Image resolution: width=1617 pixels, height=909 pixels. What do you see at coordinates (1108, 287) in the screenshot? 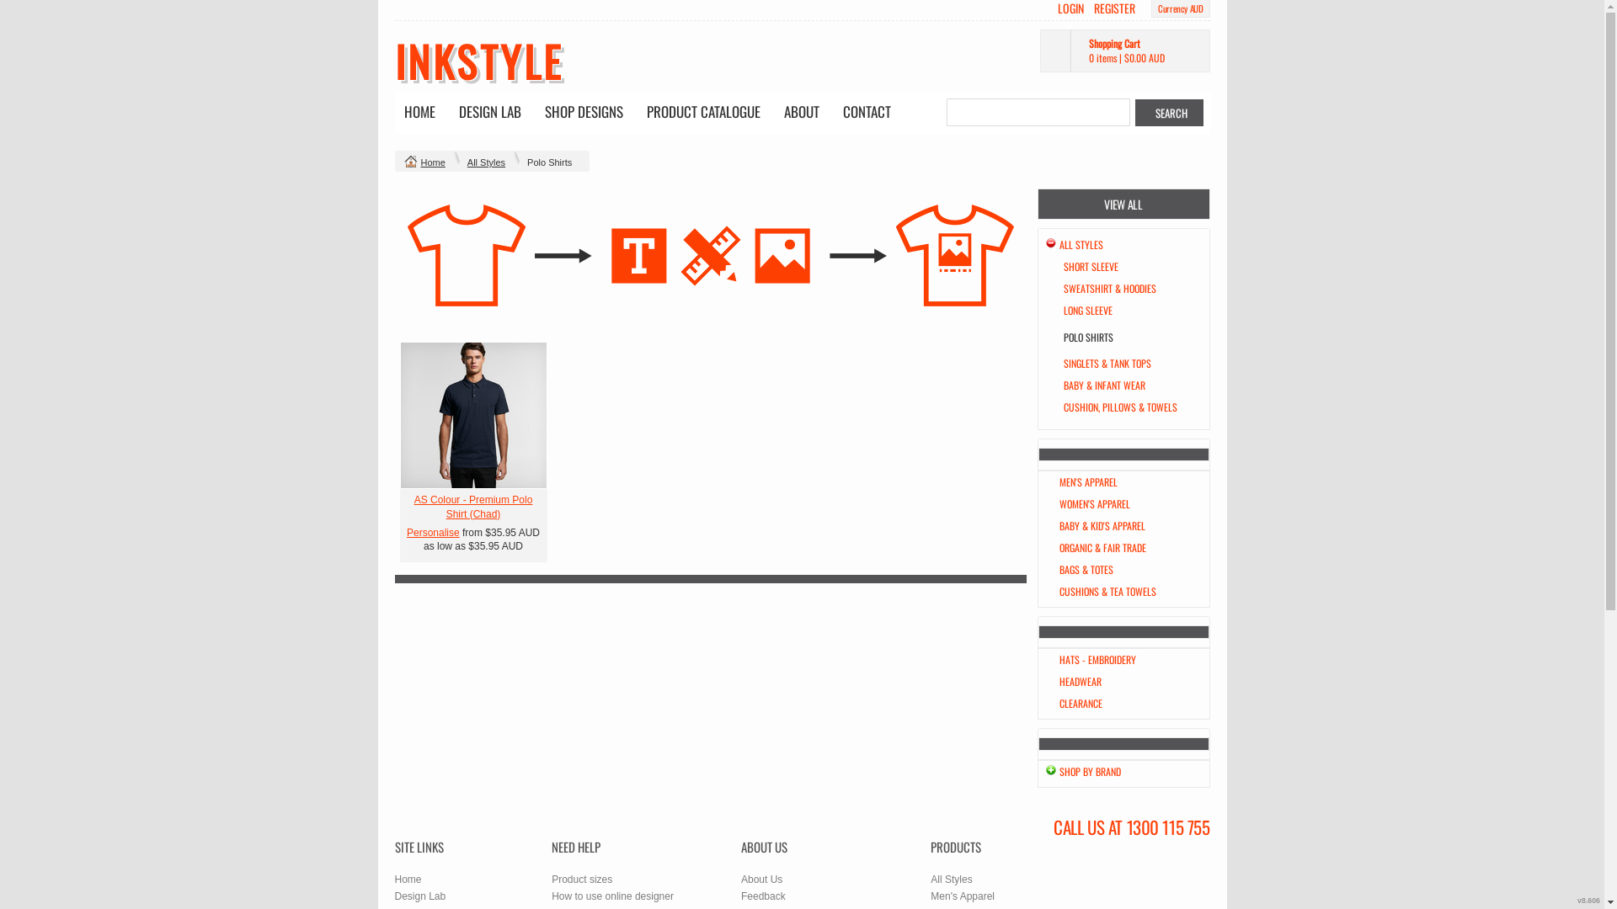
I see `'SWEATSHIRT & HOODIES'` at bounding box center [1108, 287].